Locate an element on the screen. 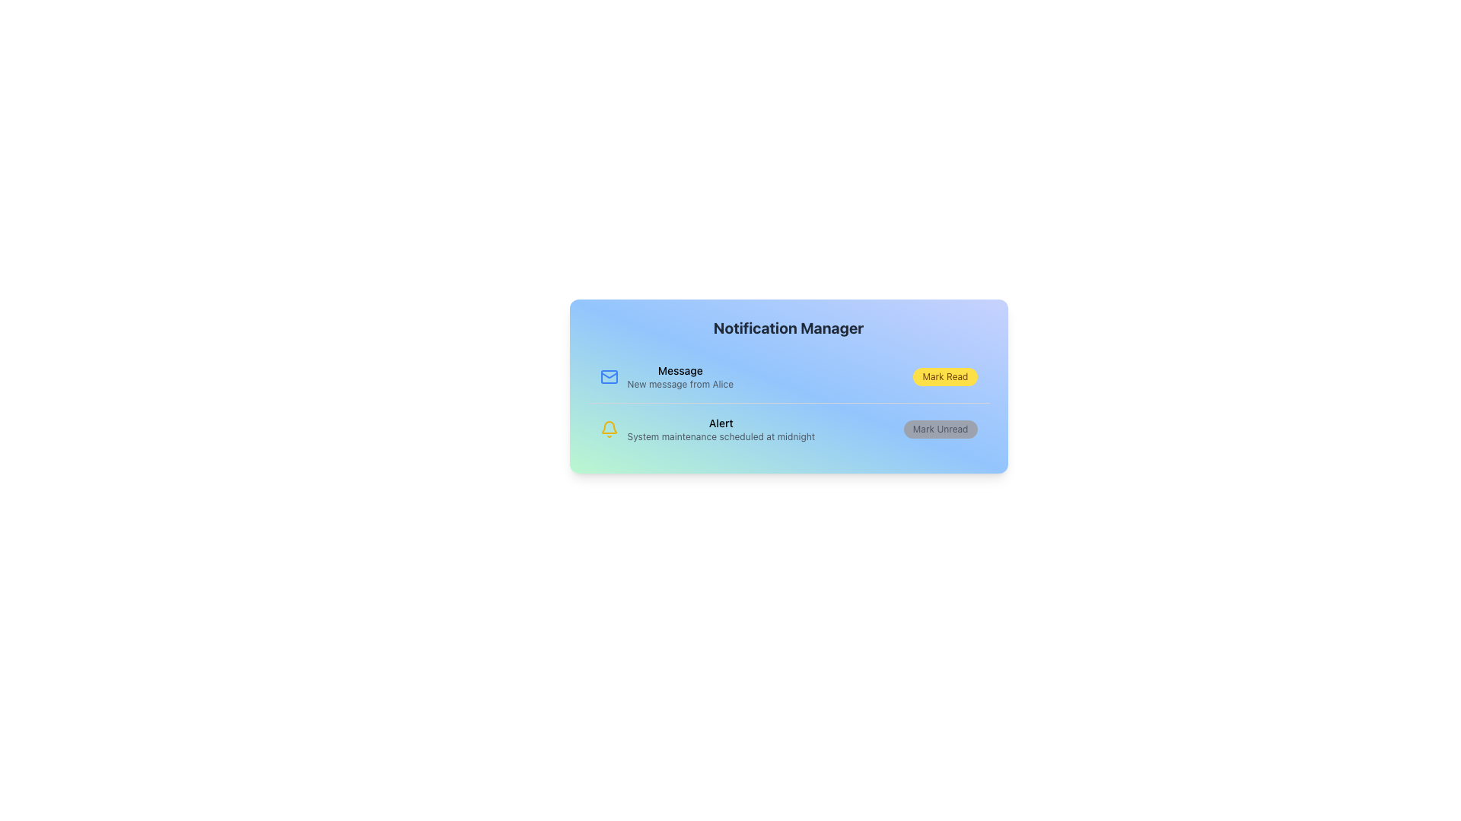  the 'Message' notification element, which is the first notification under the 'Notification Manager' heading is located at coordinates (680, 376).